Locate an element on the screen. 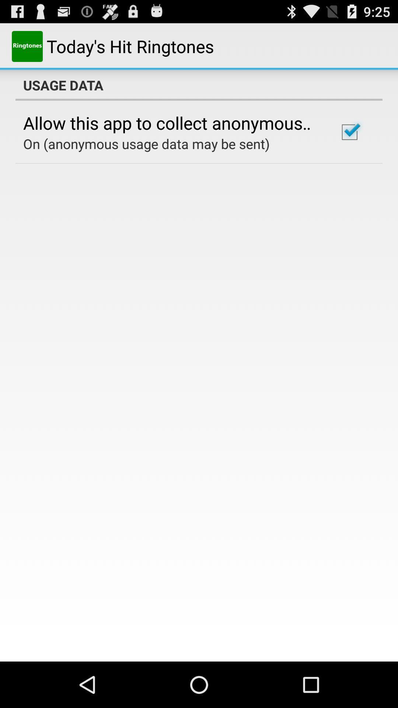 The height and width of the screenshot is (708, 398). the allow this app icon is located at coordinates (171, 123).